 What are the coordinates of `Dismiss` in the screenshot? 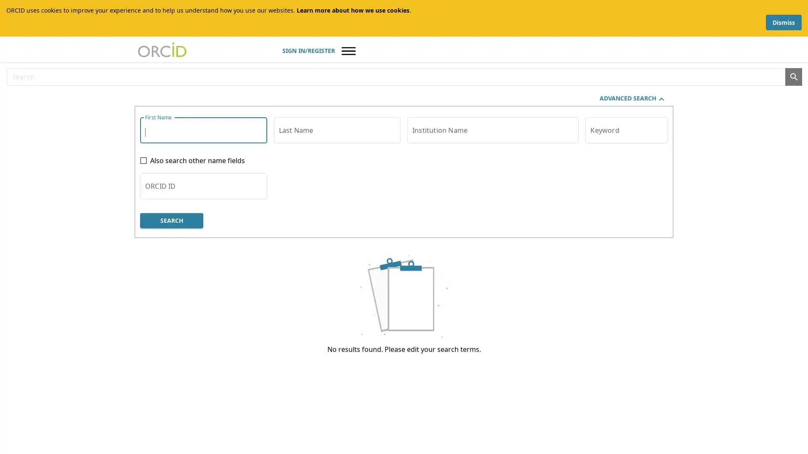 It's located at (783, 14).